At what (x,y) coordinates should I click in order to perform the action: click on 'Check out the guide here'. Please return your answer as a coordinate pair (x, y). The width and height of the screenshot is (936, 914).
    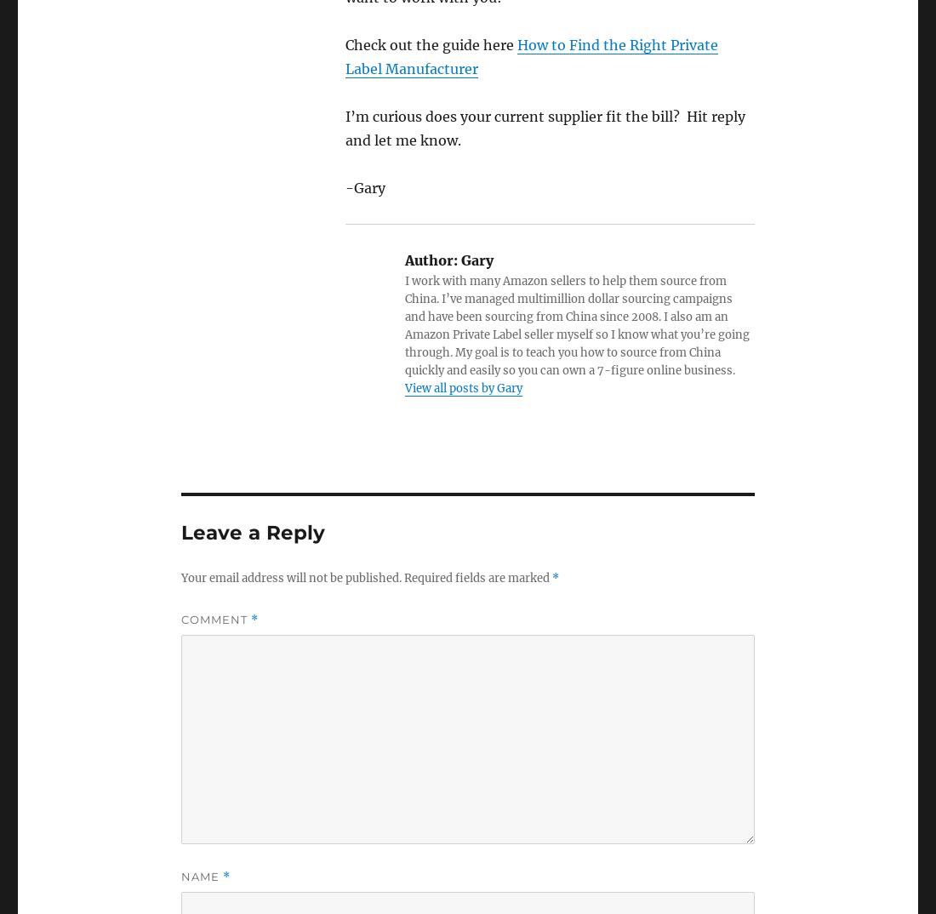
    Looking at the image, I should click on (345, 43).